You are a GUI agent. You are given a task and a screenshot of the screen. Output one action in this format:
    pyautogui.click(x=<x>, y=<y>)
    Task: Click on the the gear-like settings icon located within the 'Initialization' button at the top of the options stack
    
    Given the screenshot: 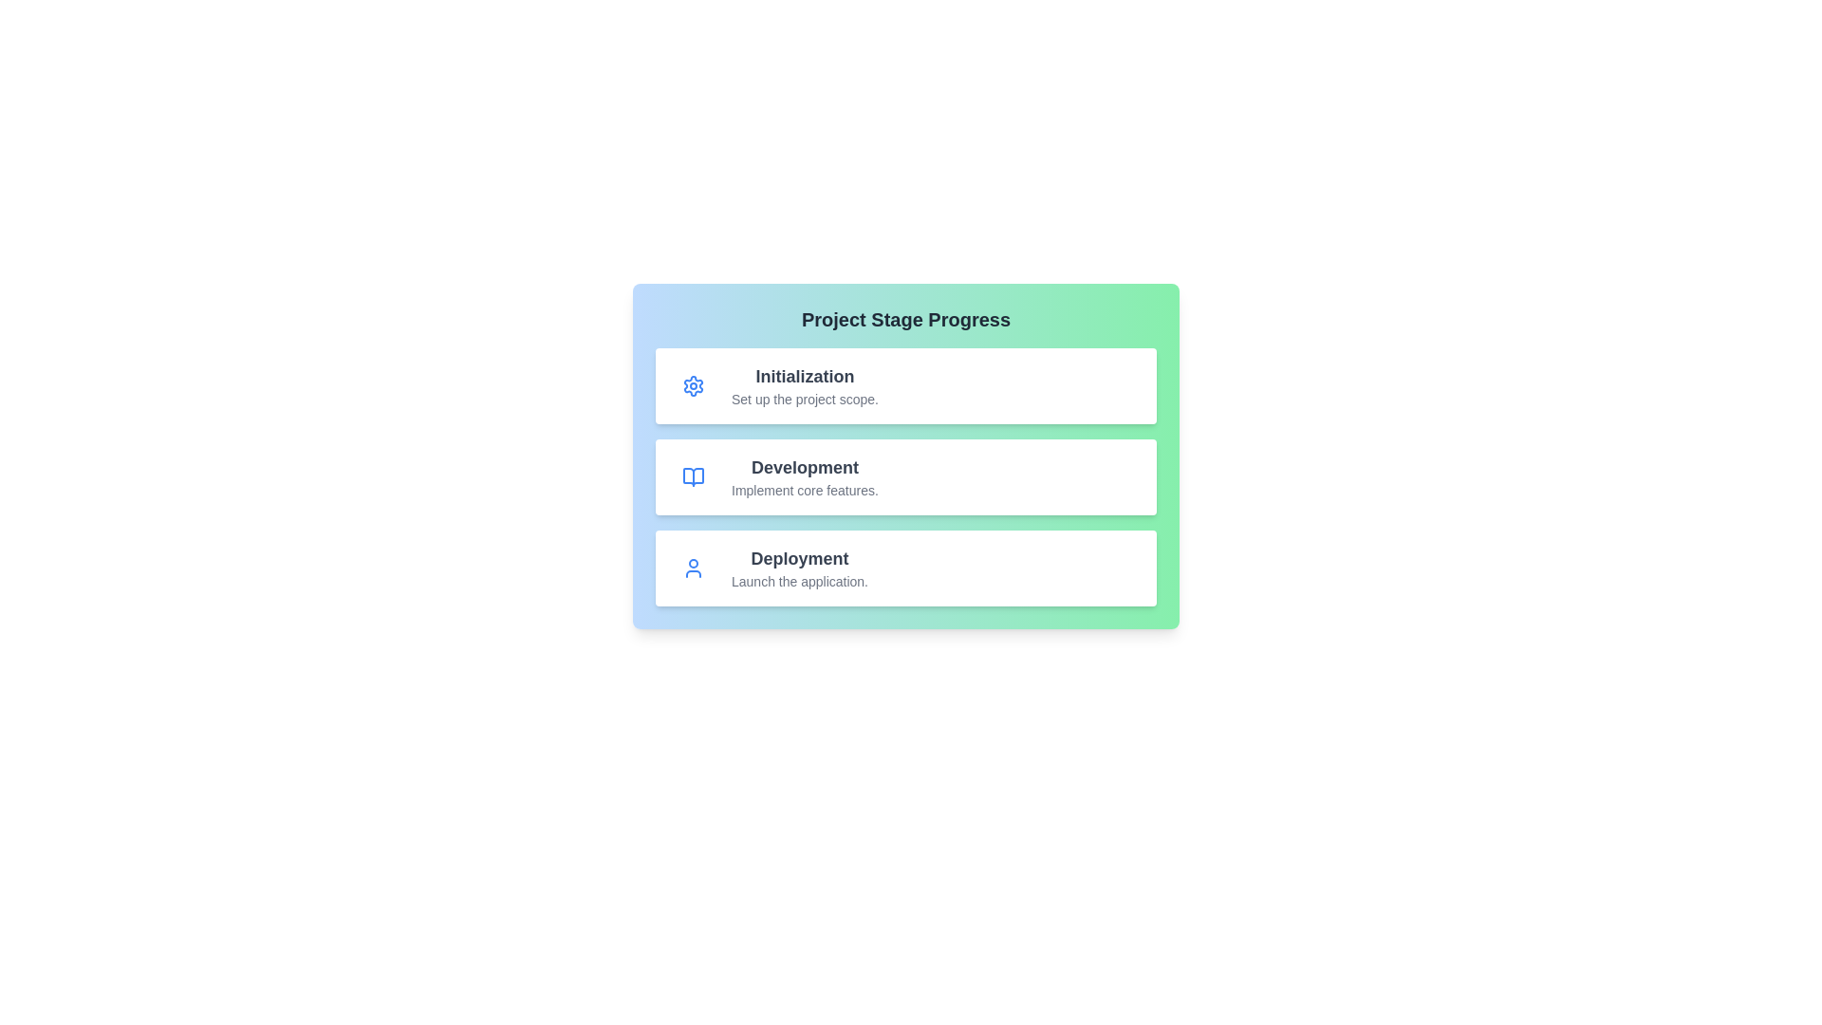 What is the action you would take?
    pyautogui.click(x=692, y=385)
    